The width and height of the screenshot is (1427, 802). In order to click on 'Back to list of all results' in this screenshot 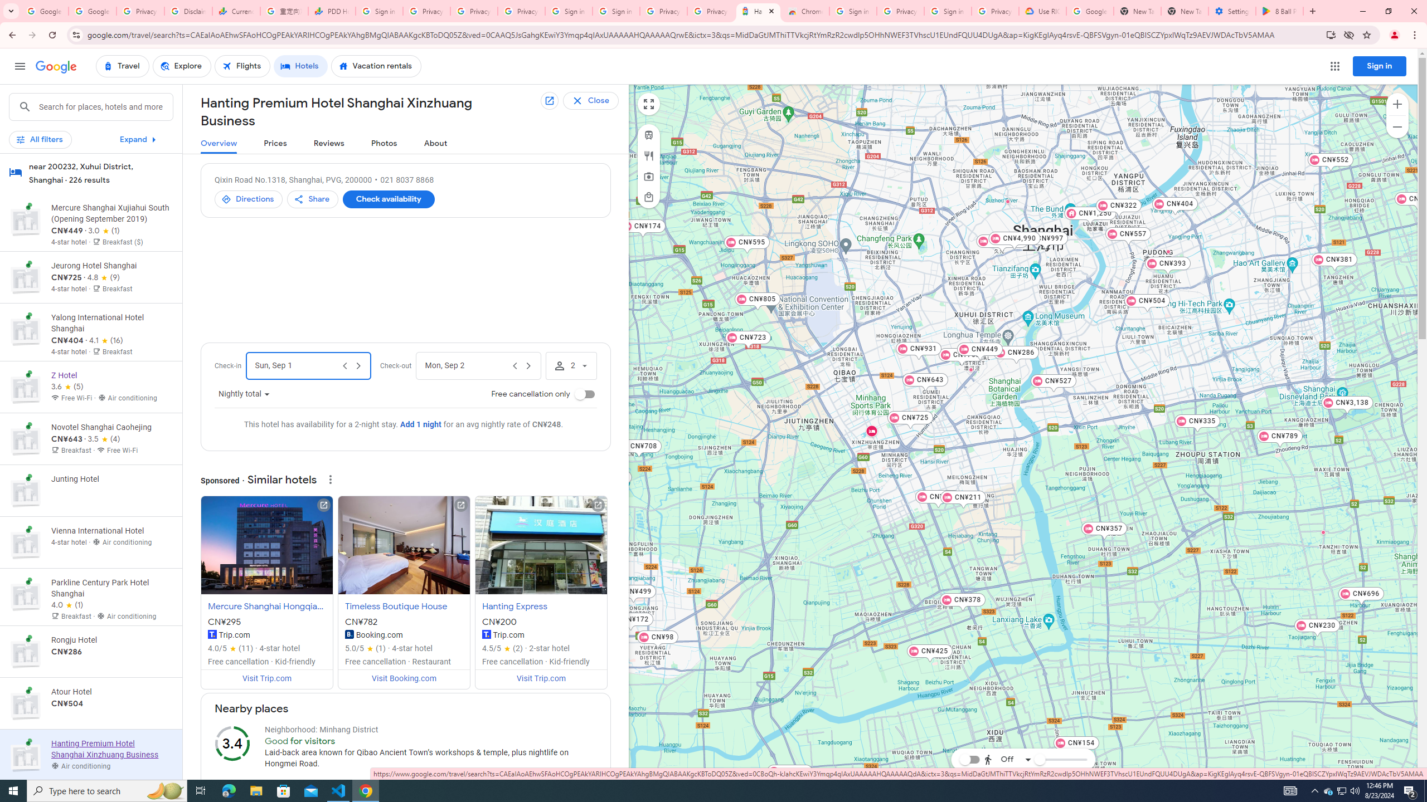, I will do `click(600, 100)`.